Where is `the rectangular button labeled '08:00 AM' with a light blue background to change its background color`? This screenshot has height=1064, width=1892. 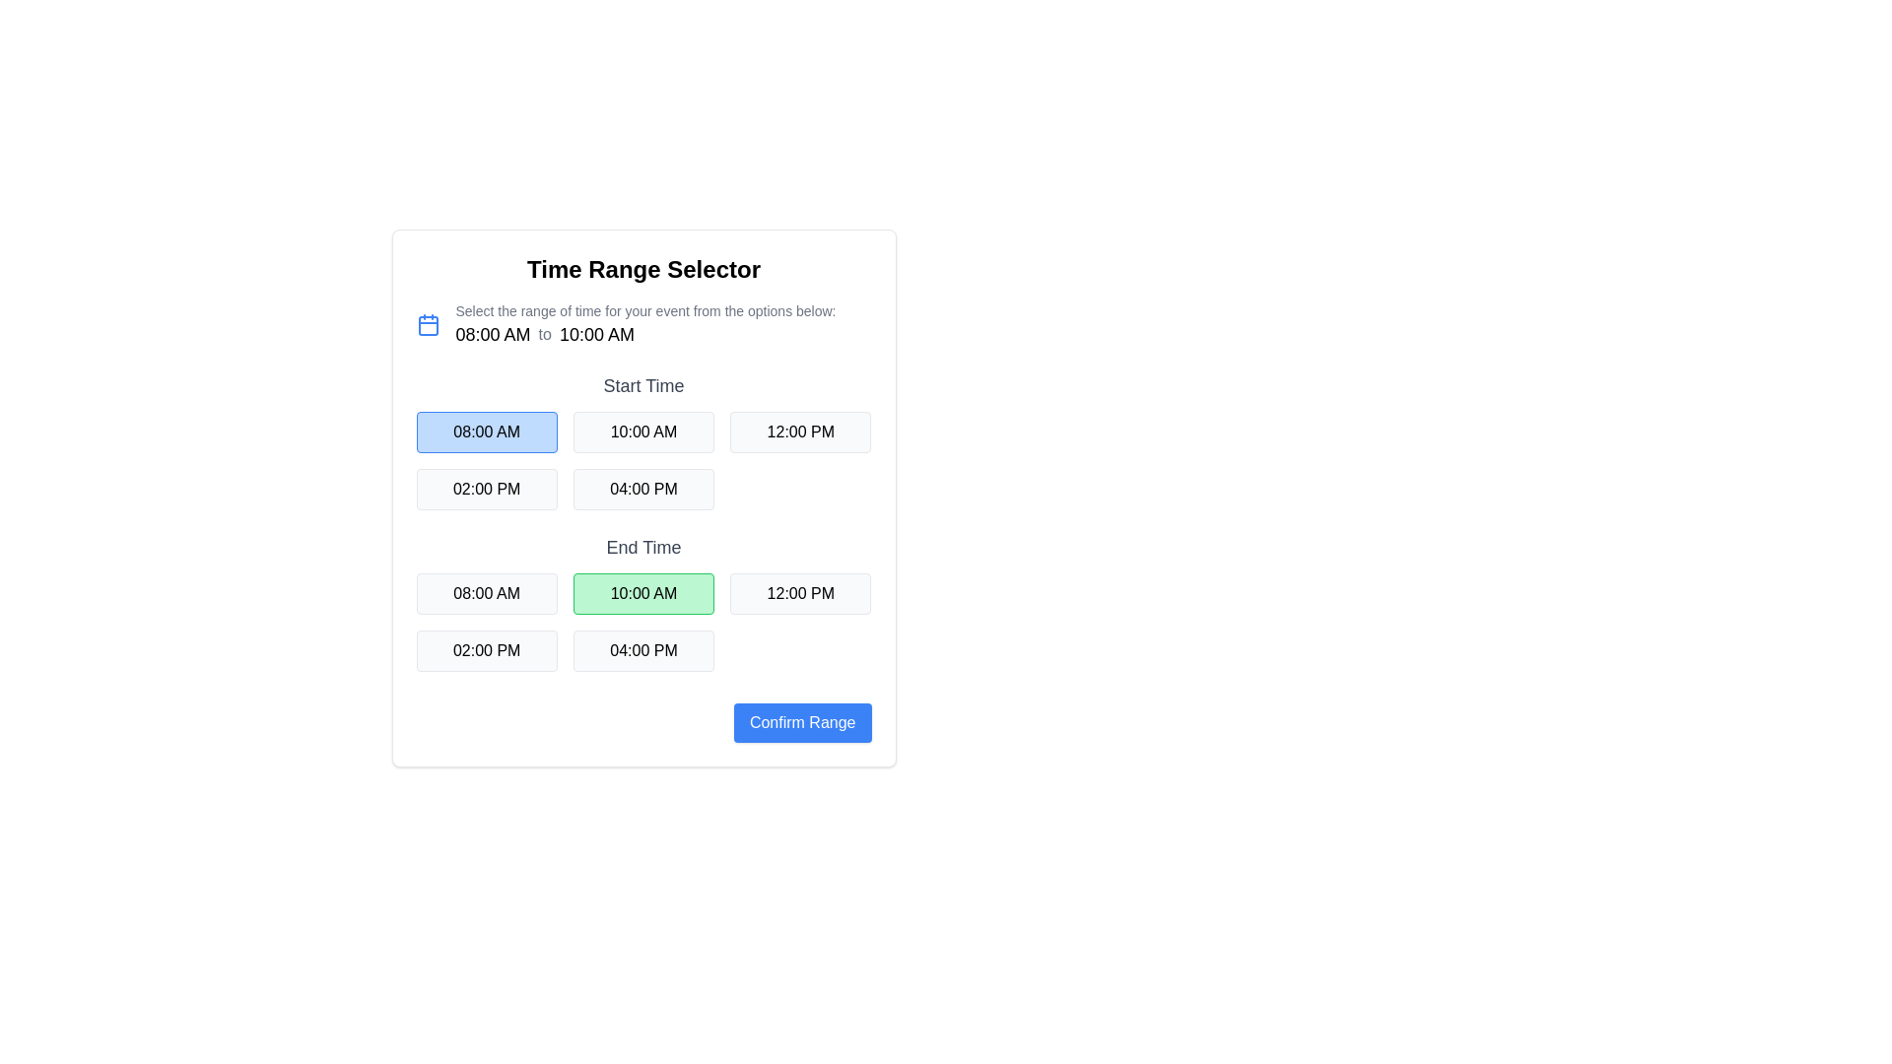 the rectangular button labeled '08:00 AM' with a light blue background to change its background color is located at coordinates (487, 432).